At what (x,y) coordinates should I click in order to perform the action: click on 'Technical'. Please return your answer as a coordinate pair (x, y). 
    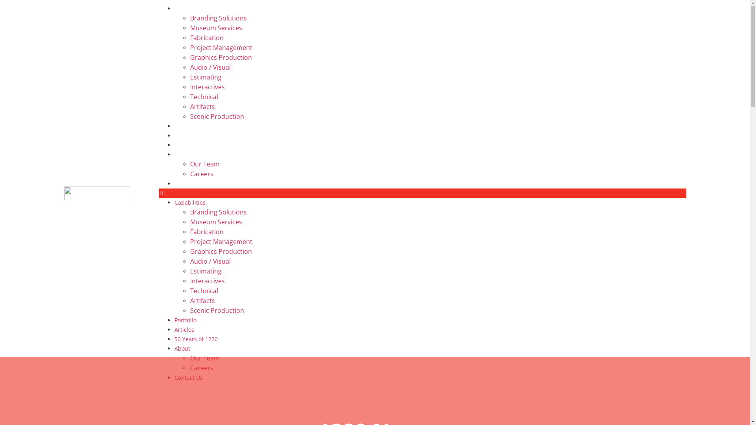
    Looking at the image, I should click on (204, 291).